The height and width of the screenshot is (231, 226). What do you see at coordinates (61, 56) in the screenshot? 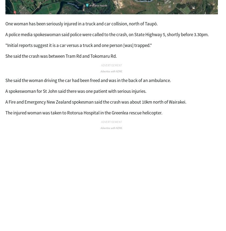
I see `'She said the crash was between Tram Rd and Tokomaru Rd.'` at bounding box center [61, 56].